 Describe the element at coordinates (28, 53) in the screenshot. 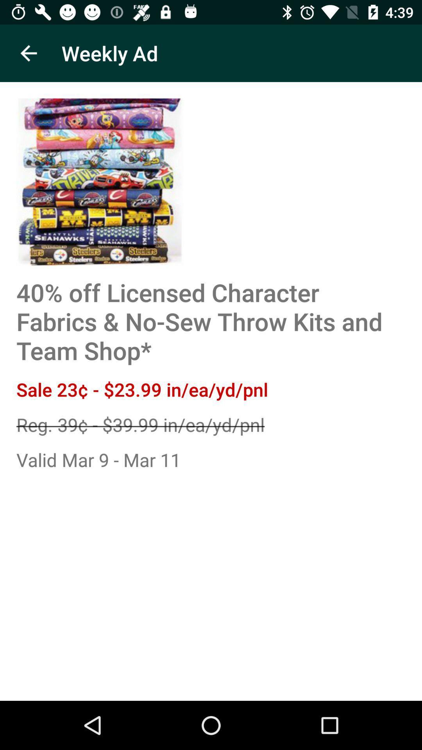

I see `icon next to the weekly ad app` at that location.